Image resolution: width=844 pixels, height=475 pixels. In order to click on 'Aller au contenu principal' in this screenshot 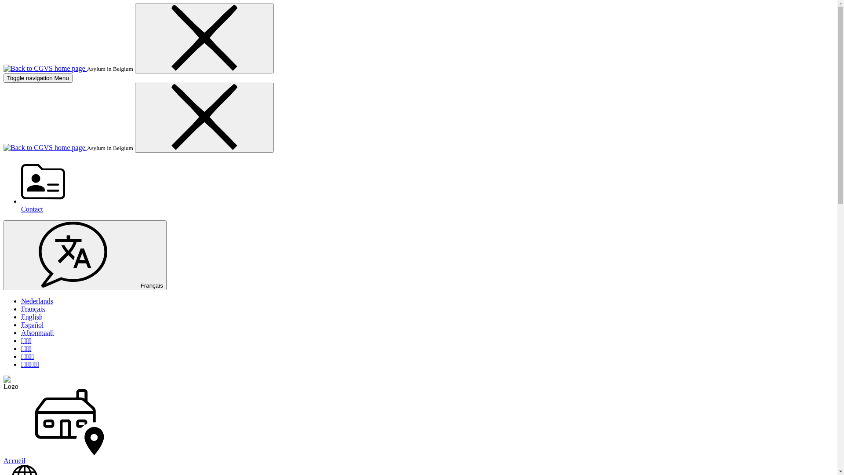, I will do `click(4, 4)`.